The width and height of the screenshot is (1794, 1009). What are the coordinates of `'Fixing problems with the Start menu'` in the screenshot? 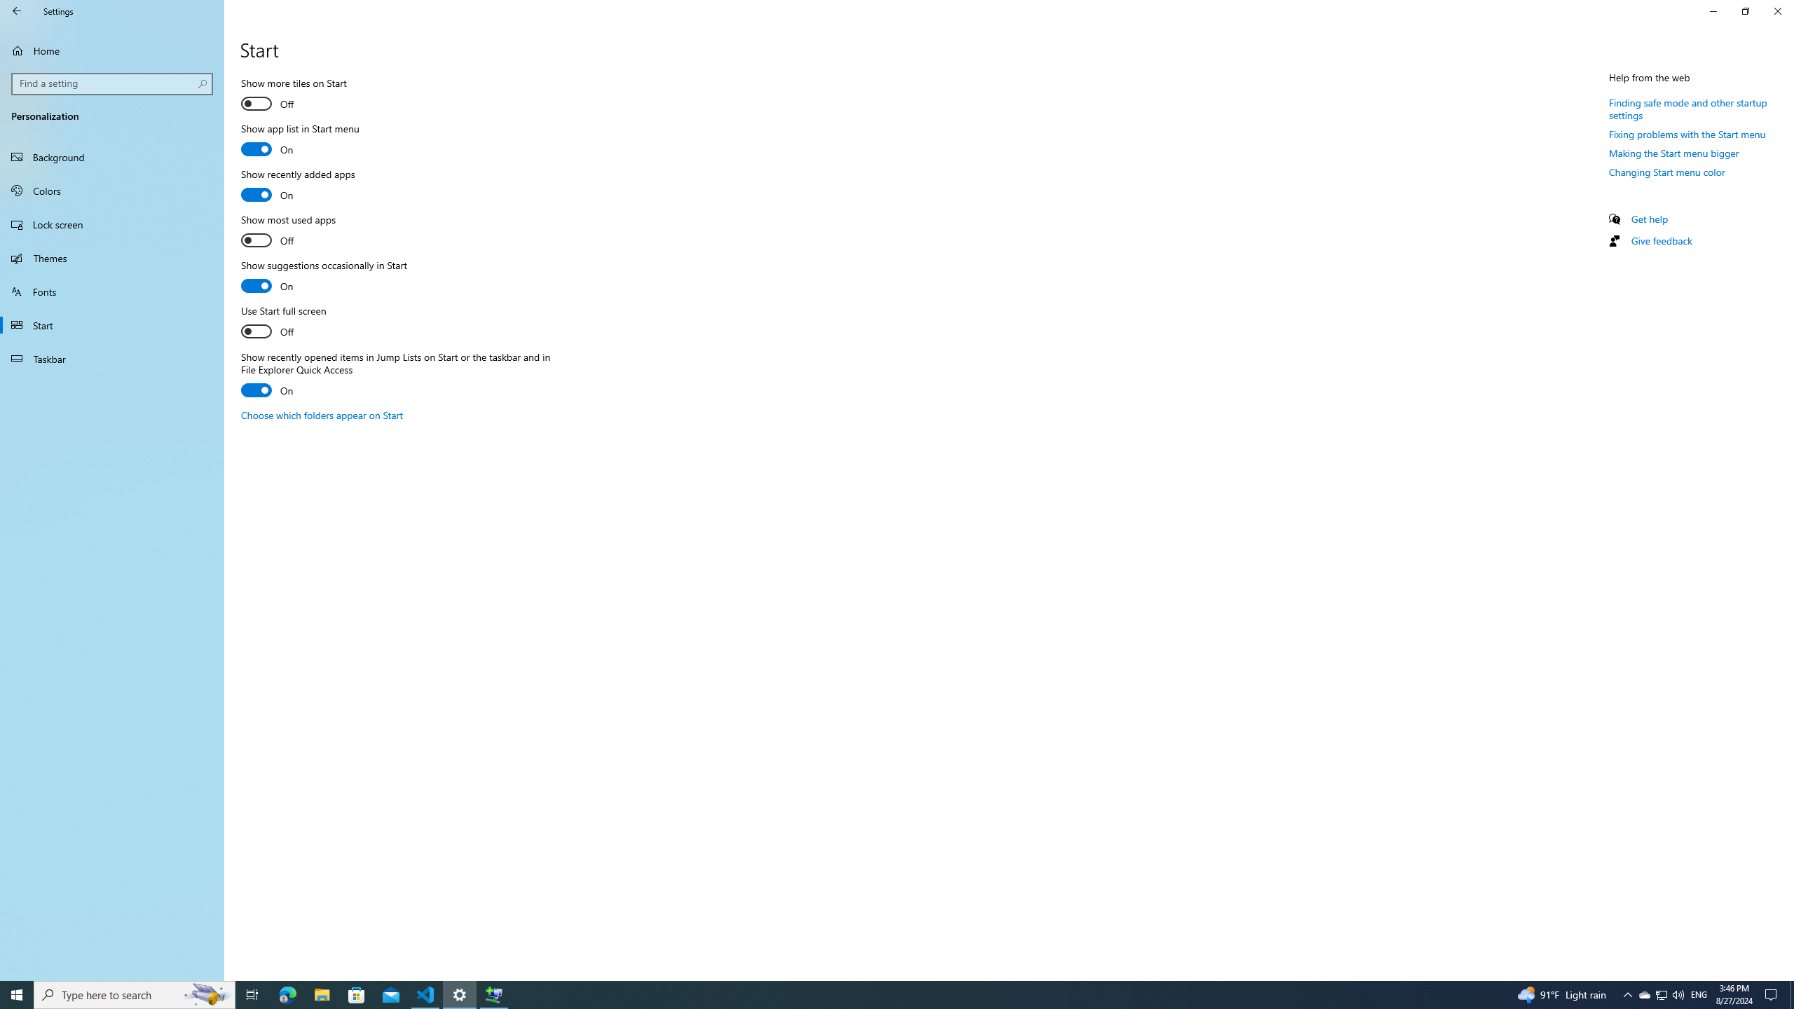 It's located at (1686, 134).